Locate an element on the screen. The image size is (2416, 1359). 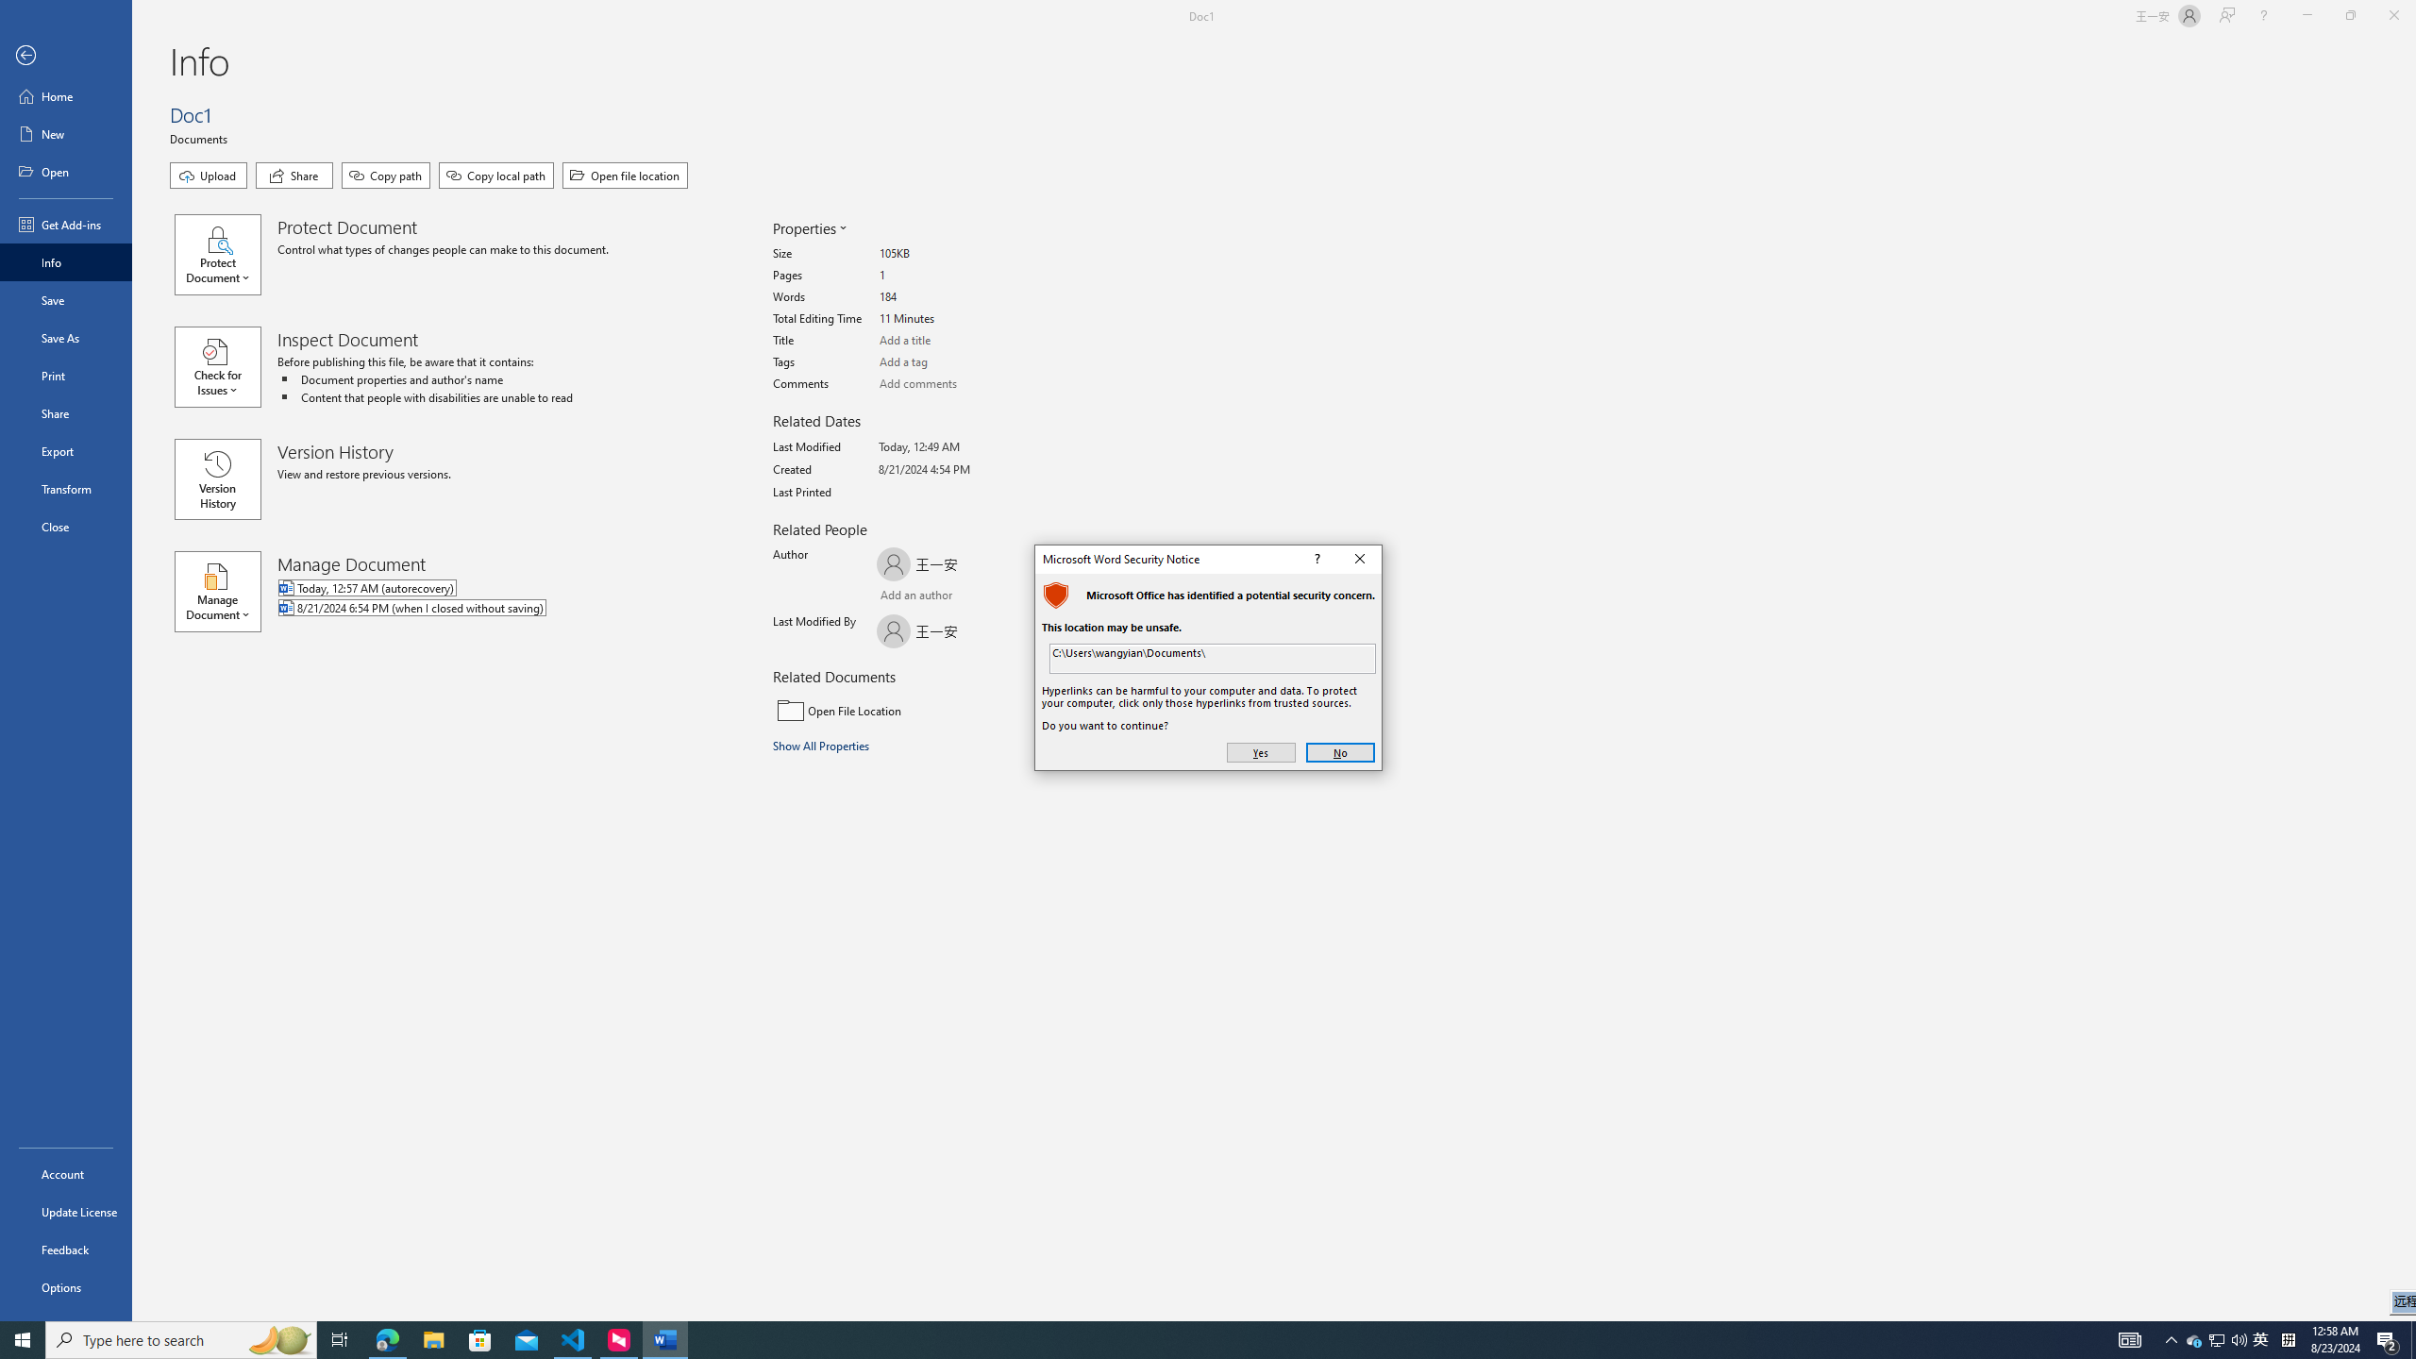
'Properties' is located at coordinates (808, 227).